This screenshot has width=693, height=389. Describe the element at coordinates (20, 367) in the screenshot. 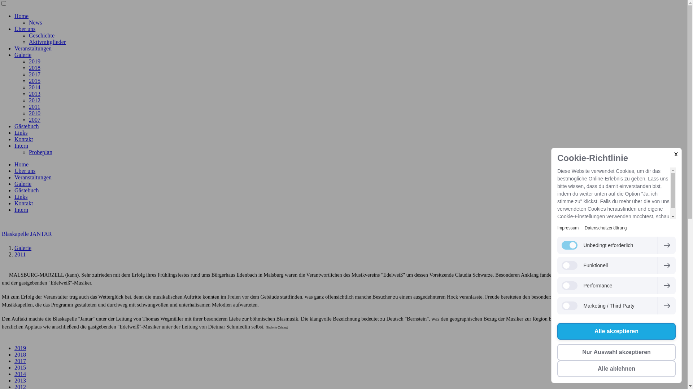

I see `'2015'` at that location.